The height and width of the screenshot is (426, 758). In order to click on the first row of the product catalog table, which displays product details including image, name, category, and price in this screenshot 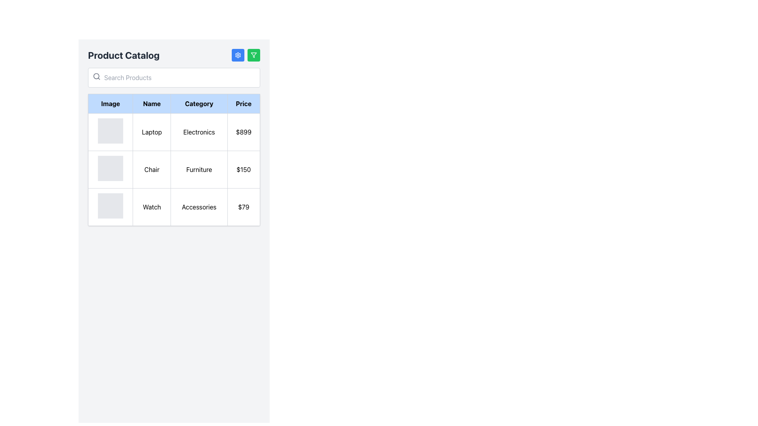, I will do `click(174, 132)`.